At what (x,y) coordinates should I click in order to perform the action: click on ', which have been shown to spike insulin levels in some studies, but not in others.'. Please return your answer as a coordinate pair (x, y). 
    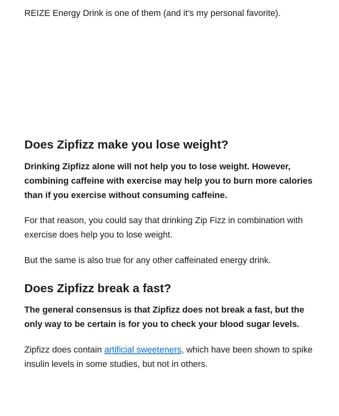
    Looking at the image, I should click on (168, 356).